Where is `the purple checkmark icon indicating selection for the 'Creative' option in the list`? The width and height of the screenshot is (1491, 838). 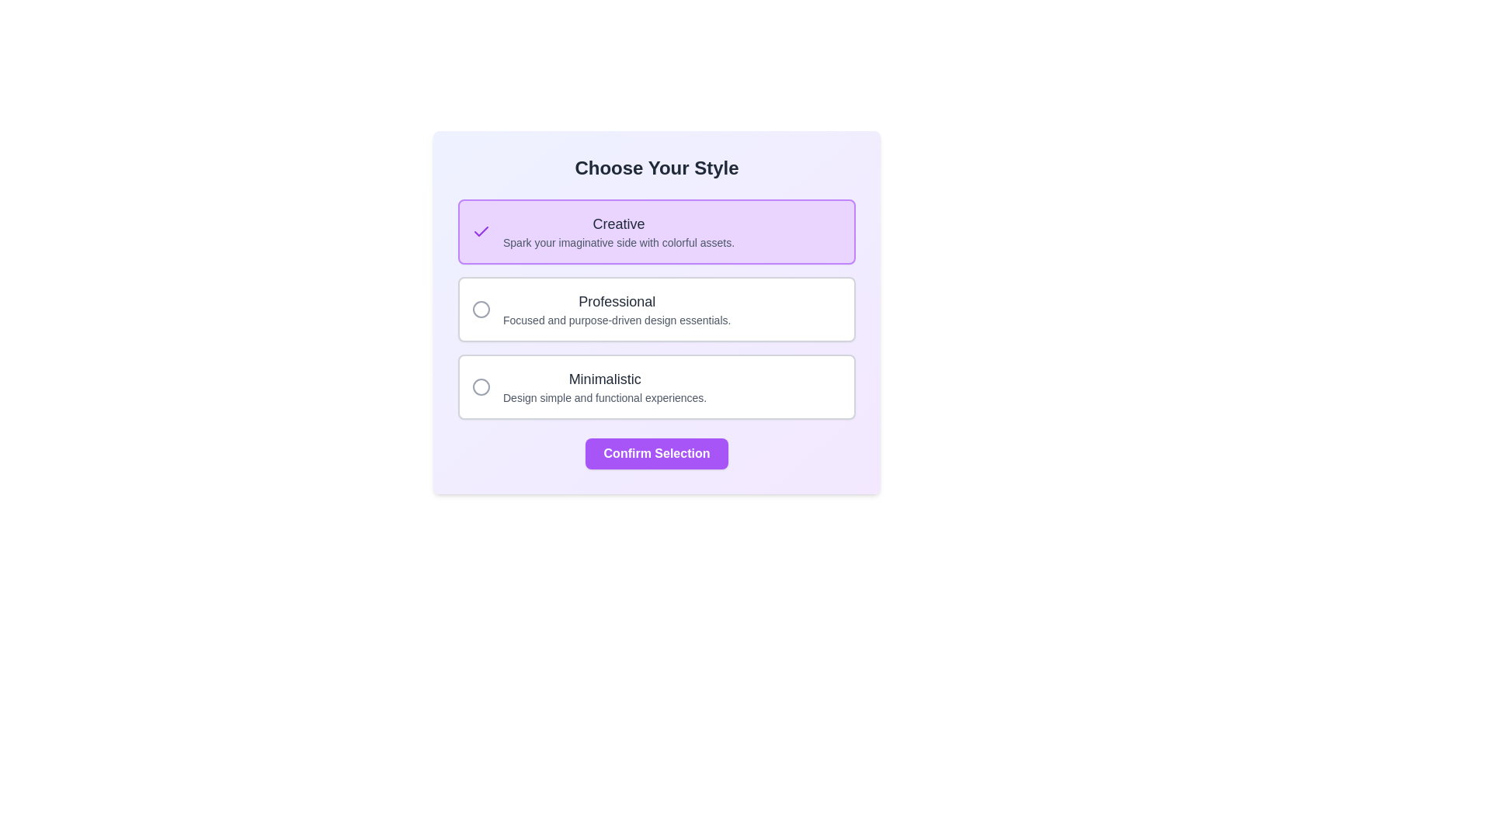 the purple checkmark icon indicating selection for the 'Creative' option in the list is located at coordinates (480, 232).